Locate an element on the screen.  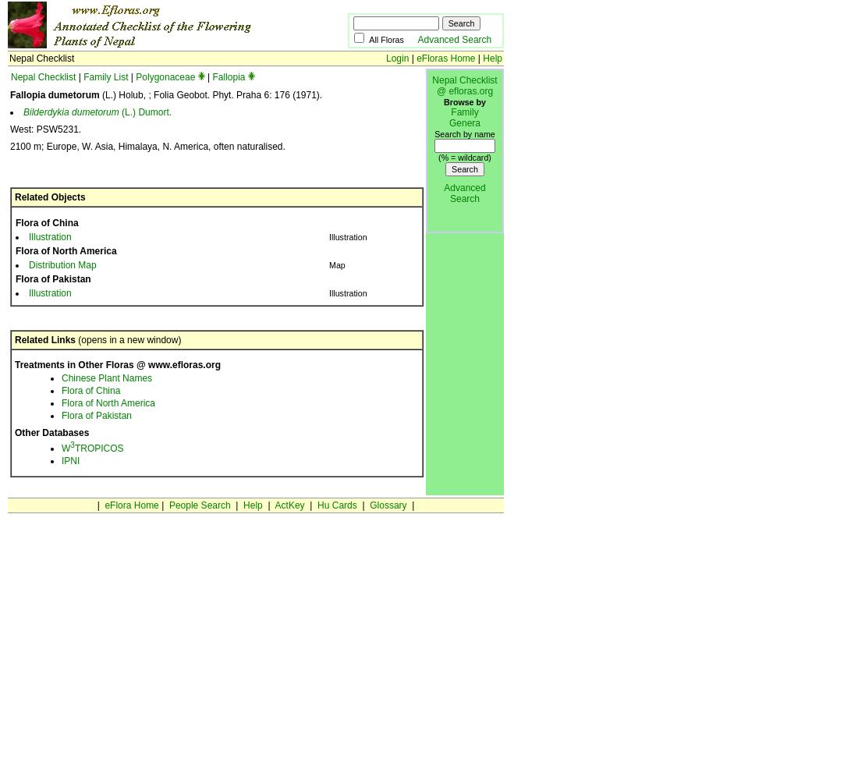
'Map' is located at coordinates (335, 264).